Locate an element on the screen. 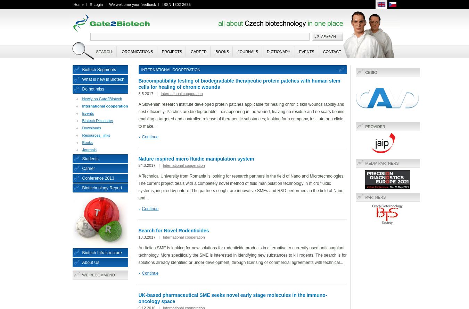 Image resolution: width=469 pixels, height=309 pixels. 'Provider' is located at coordinates (375, 127).